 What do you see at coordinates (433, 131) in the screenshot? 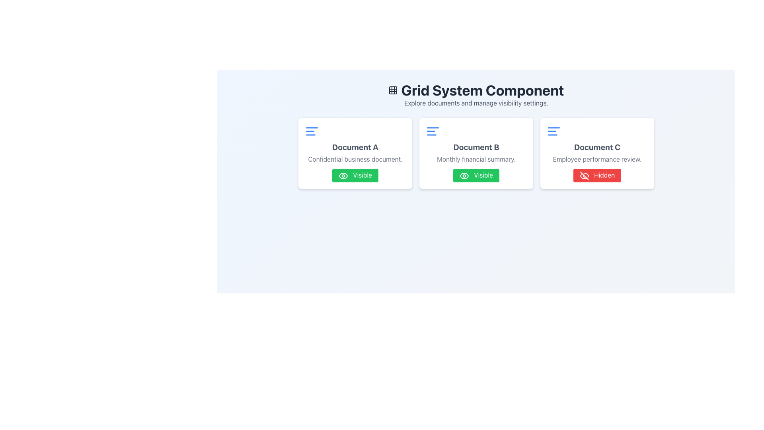
I see `the blue icon with three horizontal lines located in the upper-left corner of the 'Document B' card, above the title text` at bounding box center [433, 131].